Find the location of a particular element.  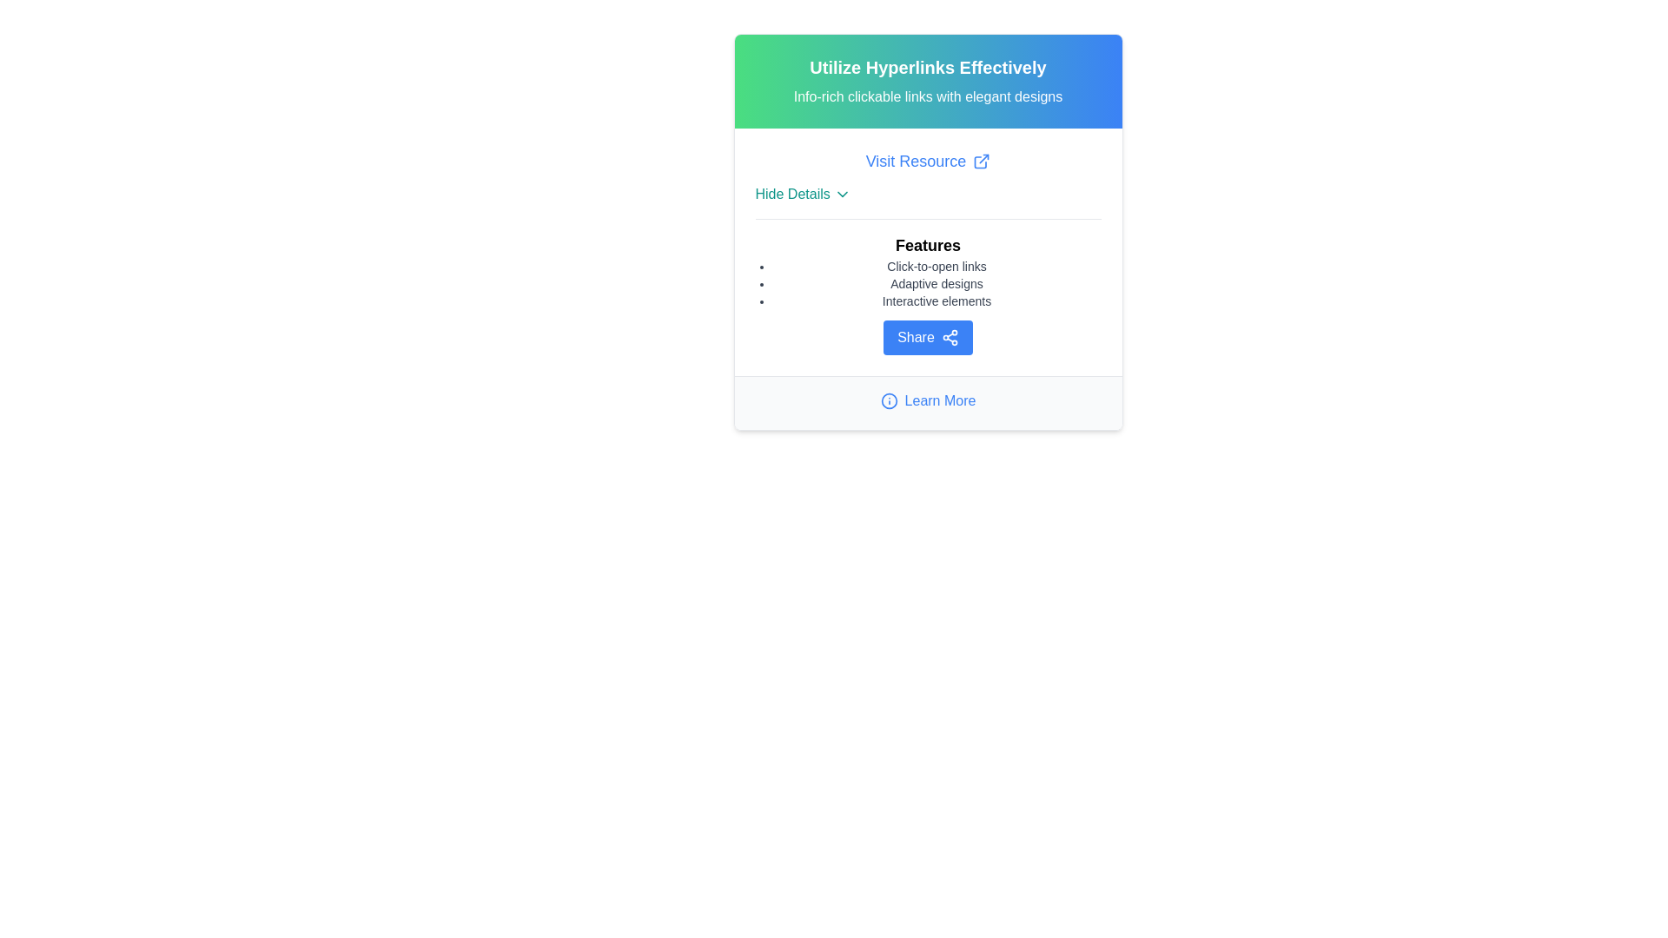

the informative icon located to the left of the 'Learn More' hyperlink, which serves to guide users for additional context or details is located at coordinates (889, 401).